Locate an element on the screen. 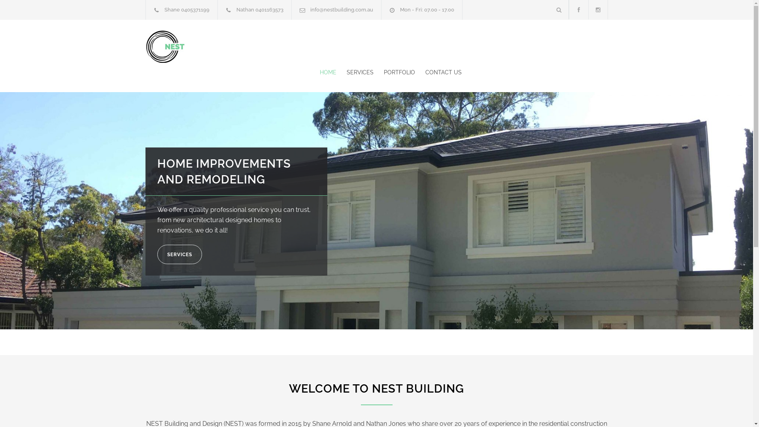 The height and width of the screenshot is (427, 759). 'HOME IMPROVEMENTS AND REMODELING' is located at coordinates (223, 171).